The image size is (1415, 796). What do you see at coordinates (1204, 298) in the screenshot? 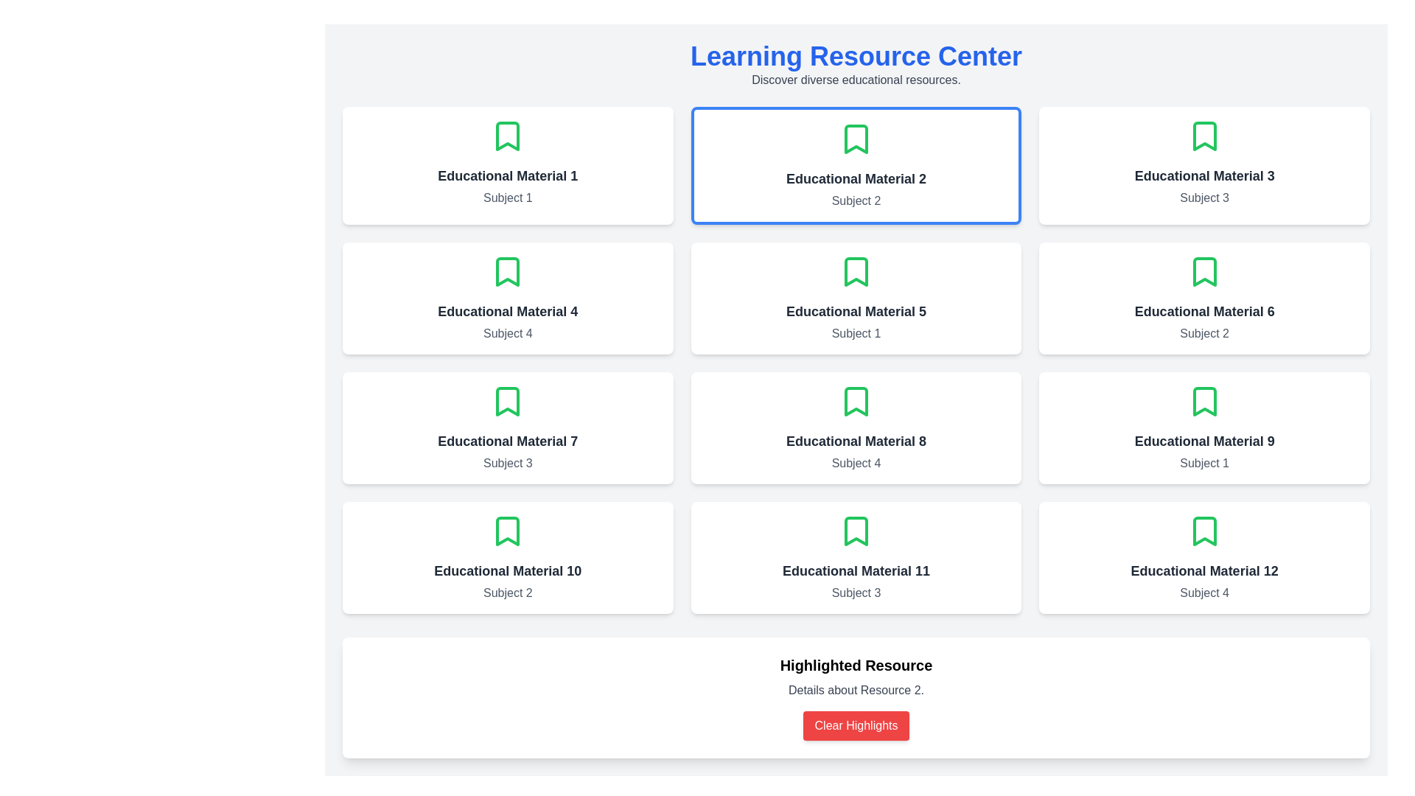
I see `the Card component representing an educational resource, located` at bounding box center [1204, 298].